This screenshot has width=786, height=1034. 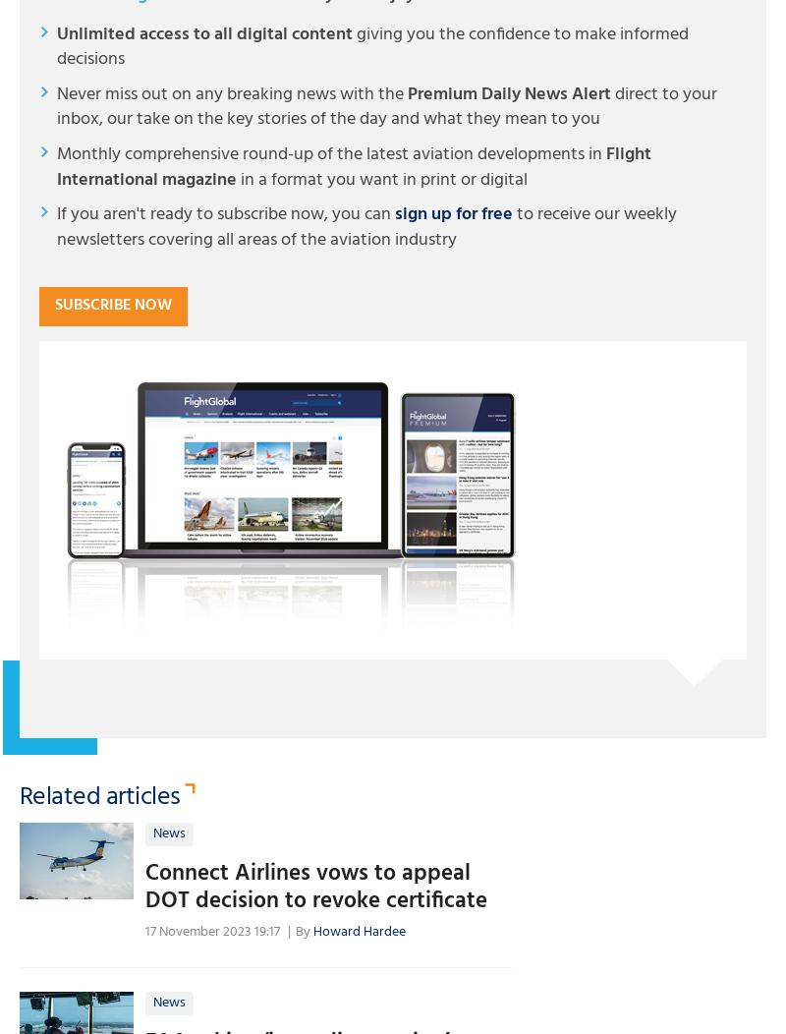 What do you see at coordinates (98, 796) in the screenshot?
I see `'Related articles'` at bounding box center [98, 796].